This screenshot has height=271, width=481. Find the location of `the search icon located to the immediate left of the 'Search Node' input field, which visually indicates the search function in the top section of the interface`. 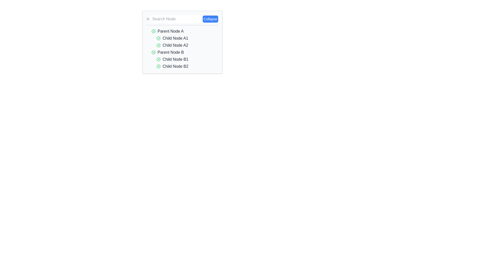

the search icon located to the immediate left of the 'Search Node' input field, which visually indicates the search function in the top section of the interface is located at coordinates (148, 19).